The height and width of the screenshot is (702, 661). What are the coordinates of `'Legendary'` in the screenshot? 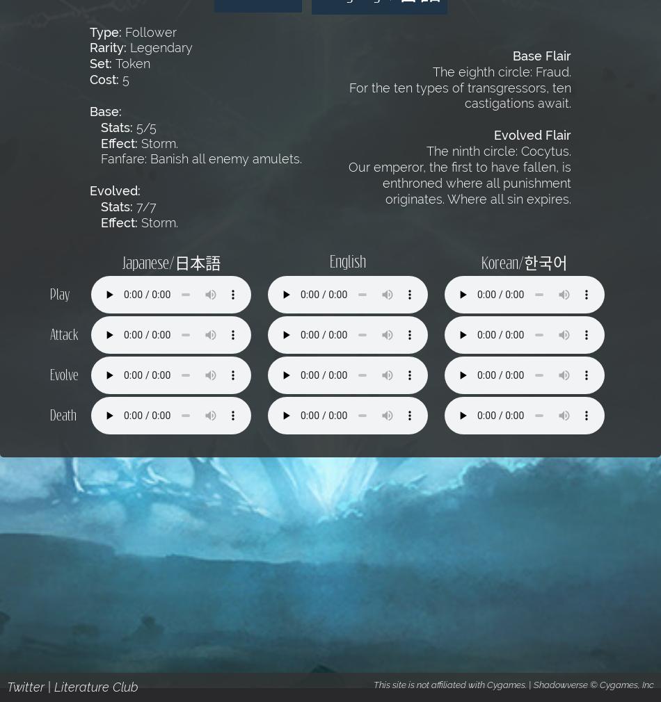 It's located at (159, 47).